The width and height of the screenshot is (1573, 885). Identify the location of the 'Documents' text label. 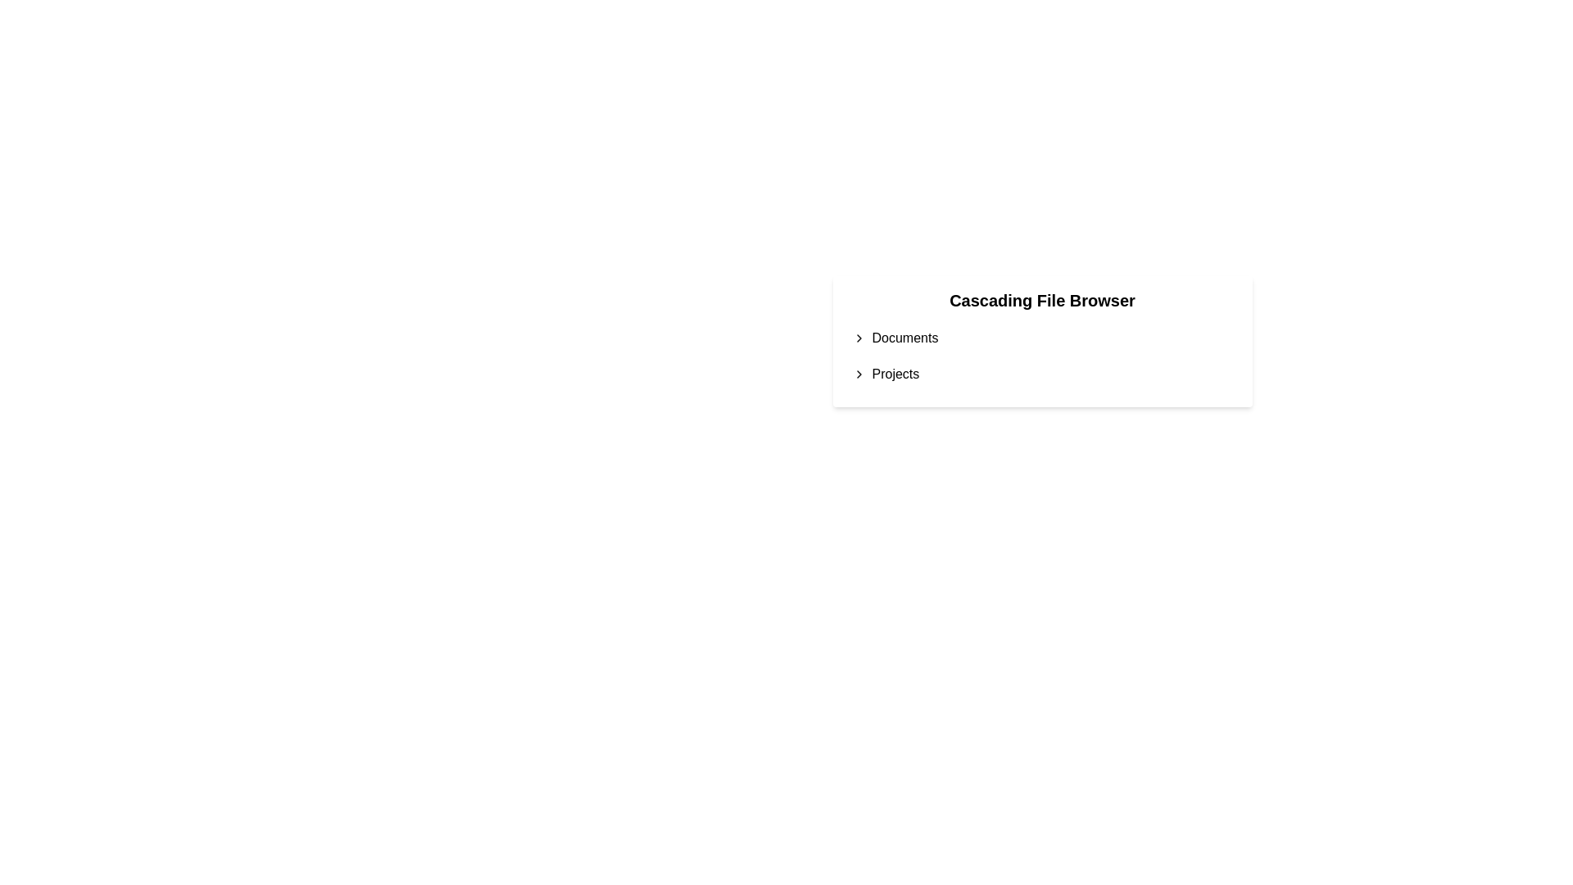
(904, 337).